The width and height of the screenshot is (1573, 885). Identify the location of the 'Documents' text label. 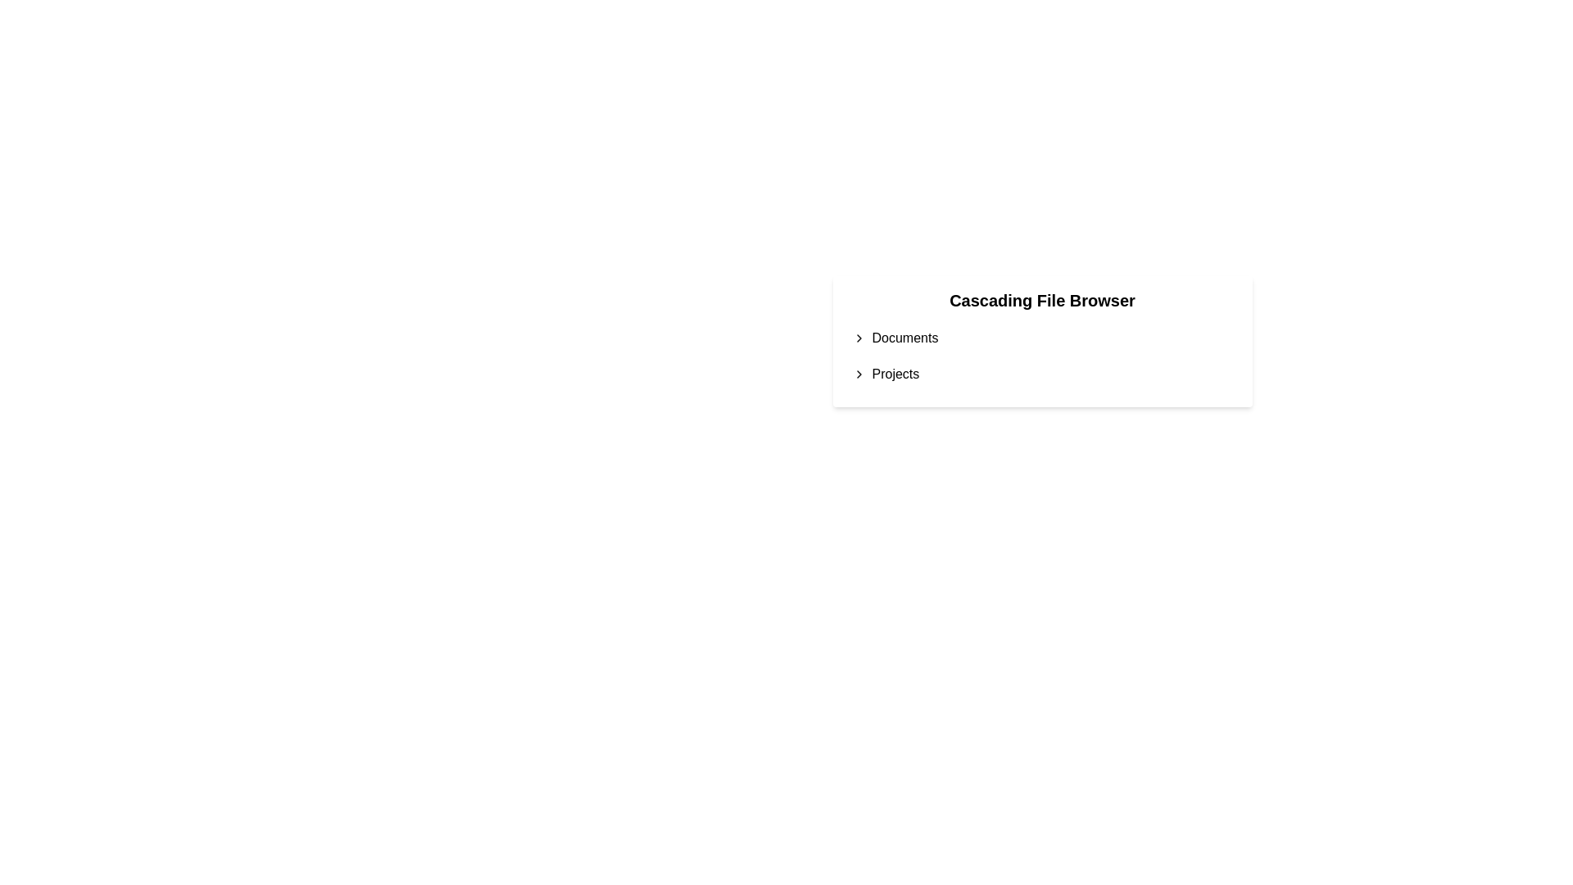
(904, 337).